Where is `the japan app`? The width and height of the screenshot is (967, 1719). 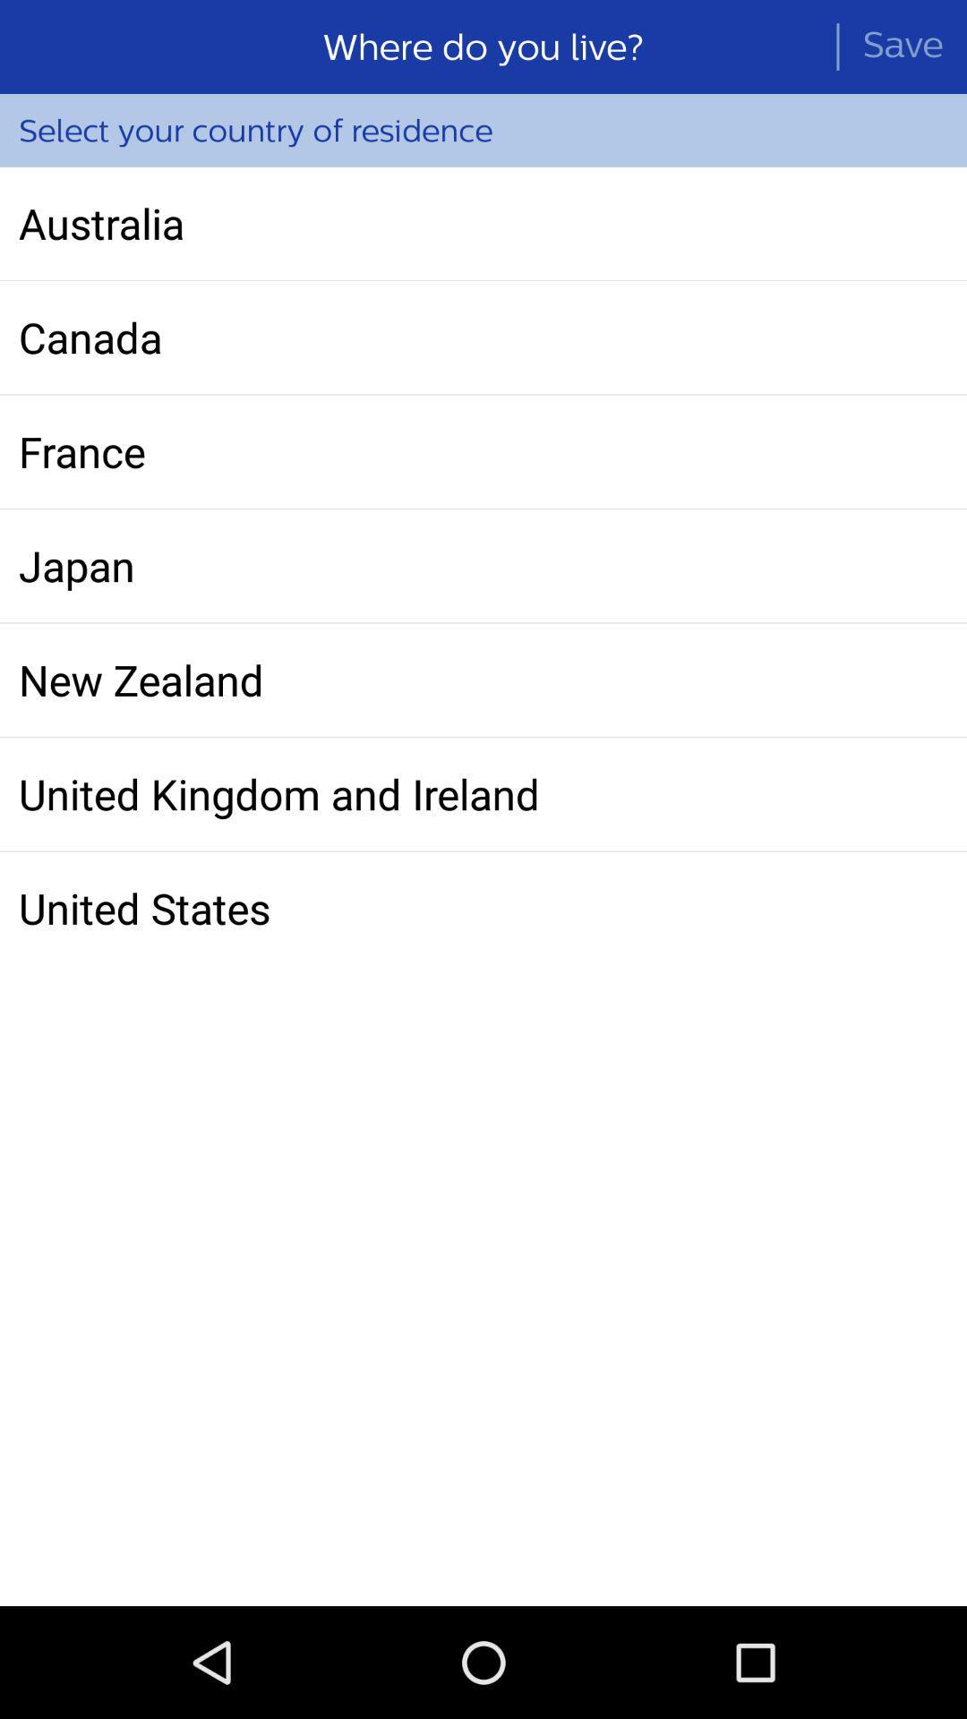 the japan app is located at coordinates (483, 565).